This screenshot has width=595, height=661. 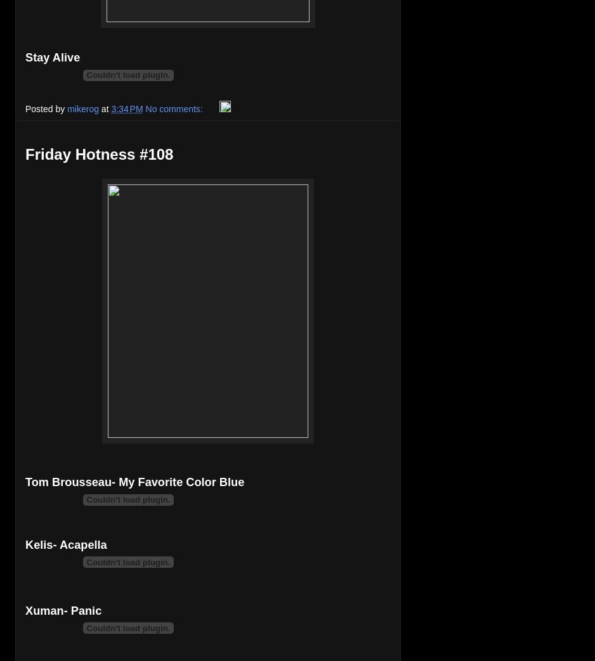 What do you see at coordinates (105, 108) in the screenshot?
I see `'at'` at bounding box center [105, 108].